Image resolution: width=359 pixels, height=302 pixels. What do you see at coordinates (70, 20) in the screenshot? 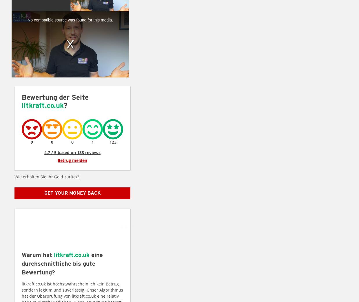
I see `'No compatible source was found for this media.'` at bounding box center [70, 20].